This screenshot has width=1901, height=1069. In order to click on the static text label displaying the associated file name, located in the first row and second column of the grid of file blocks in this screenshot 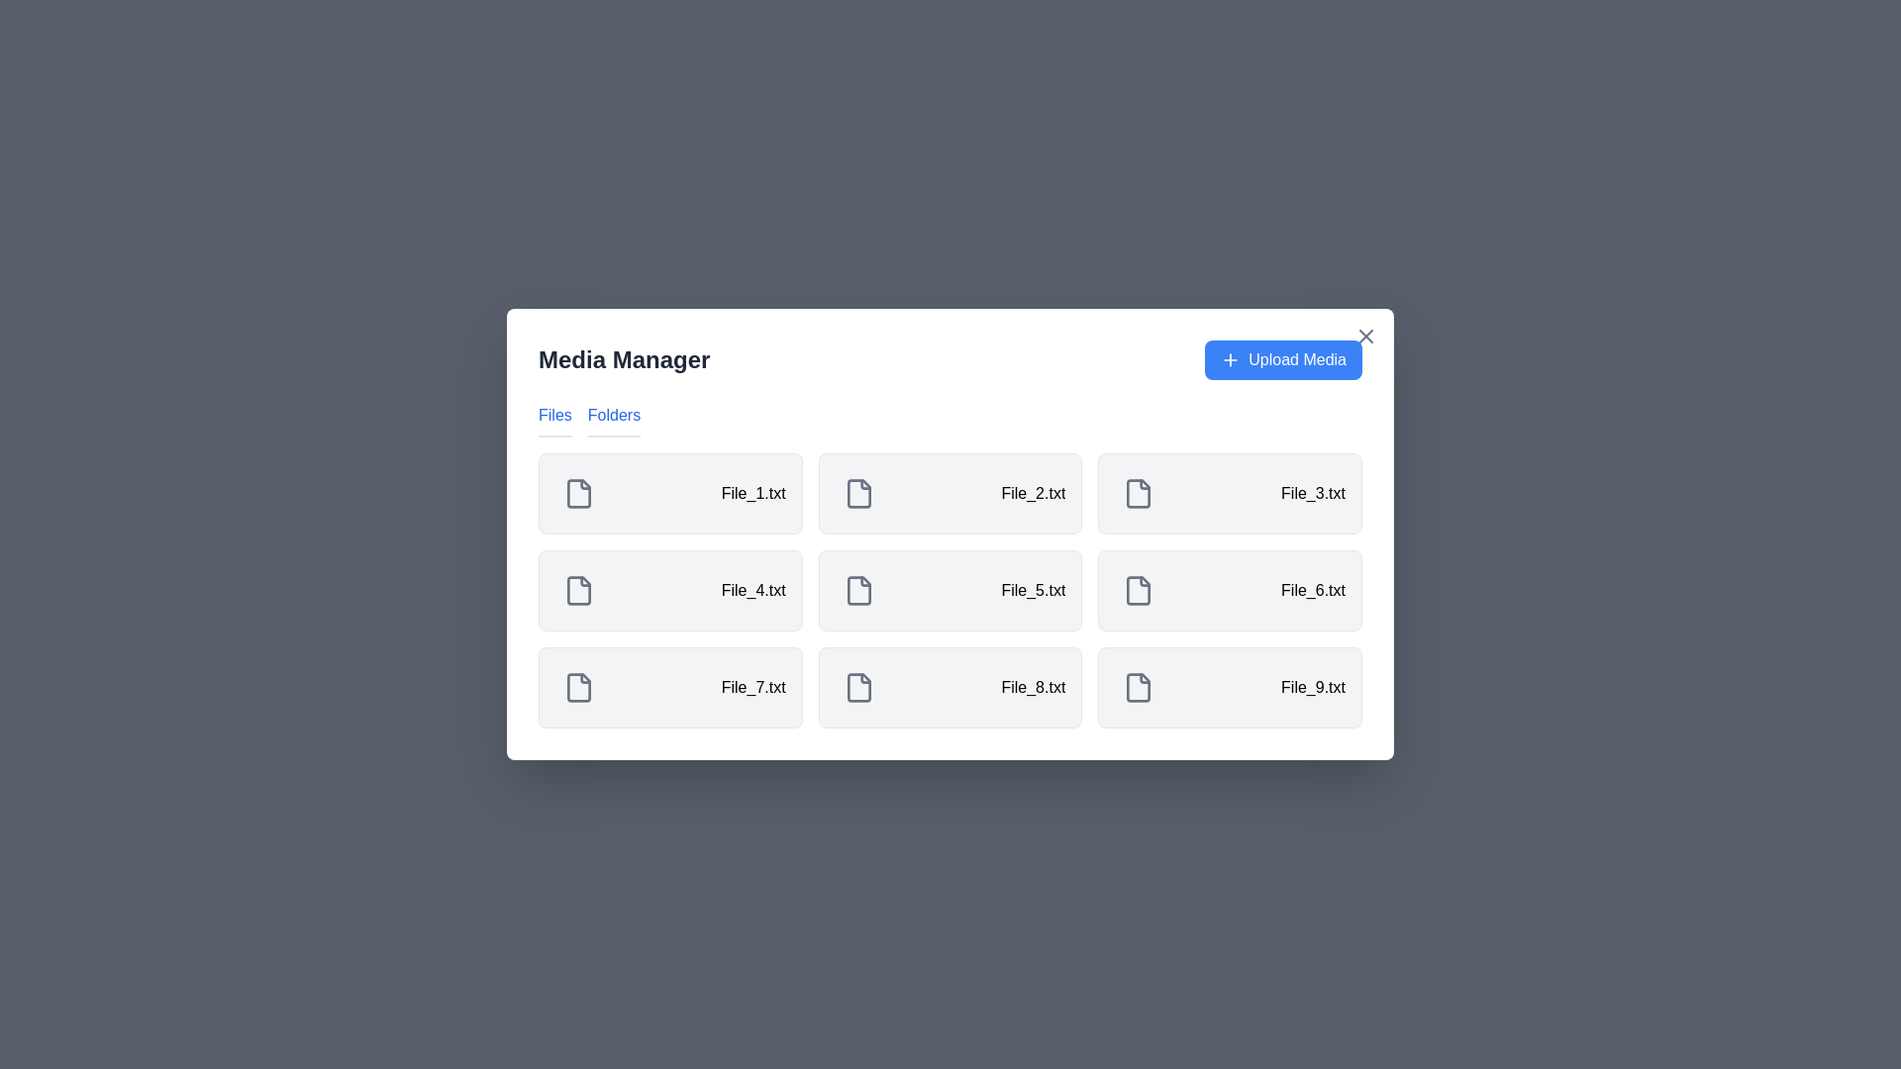, I will do `click(1032, 492)`.